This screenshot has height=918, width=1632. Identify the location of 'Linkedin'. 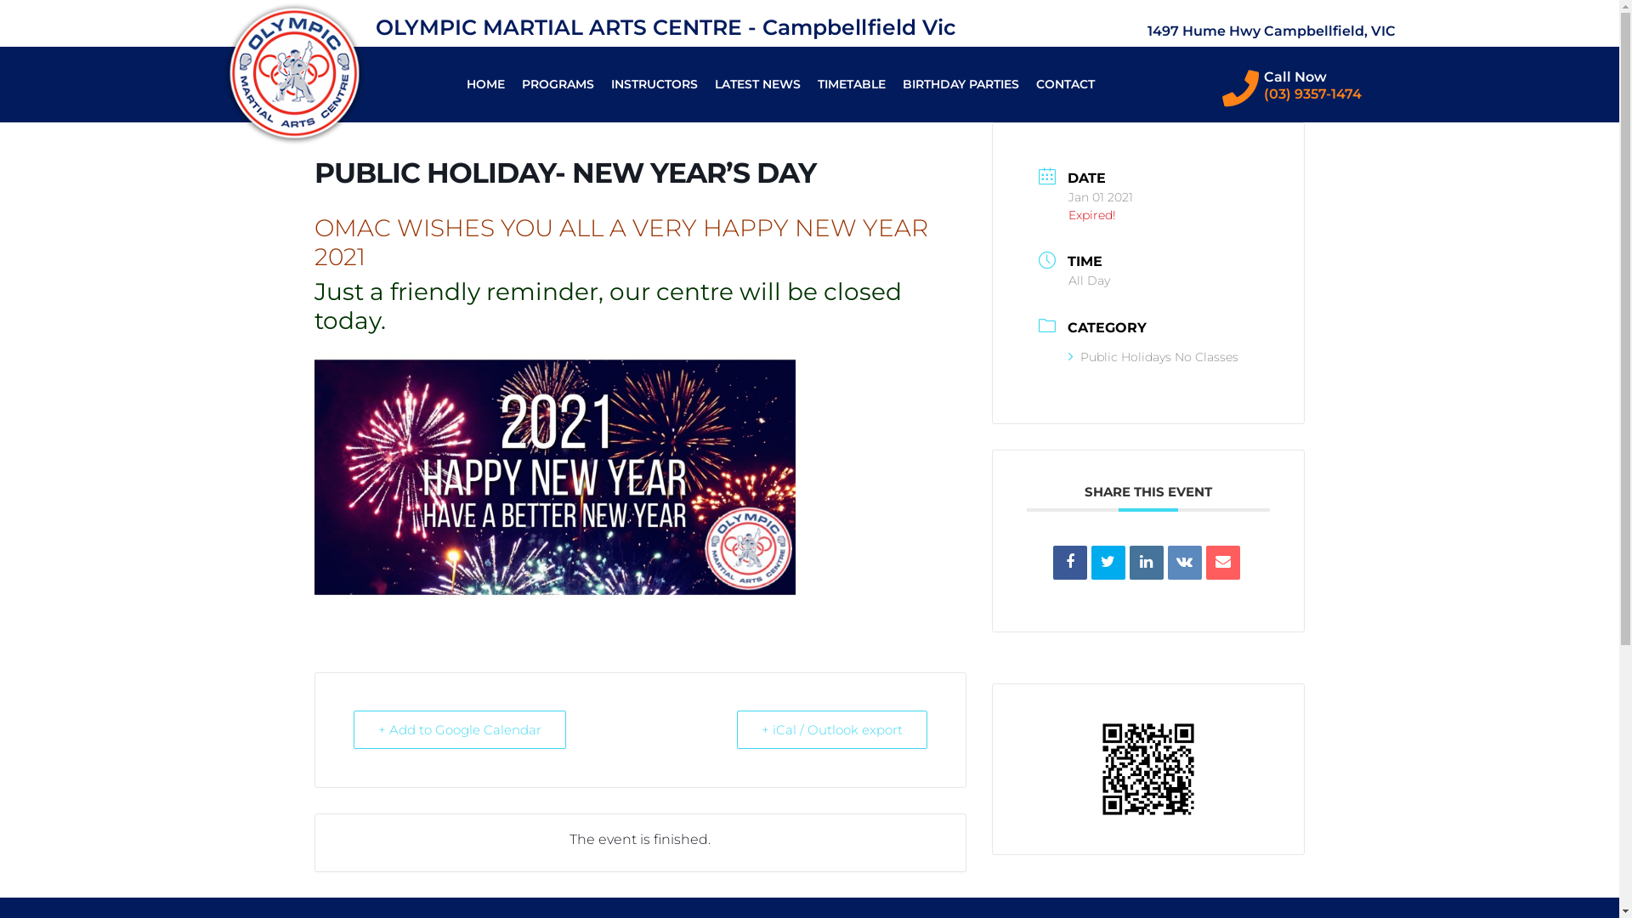
(1146, 563).